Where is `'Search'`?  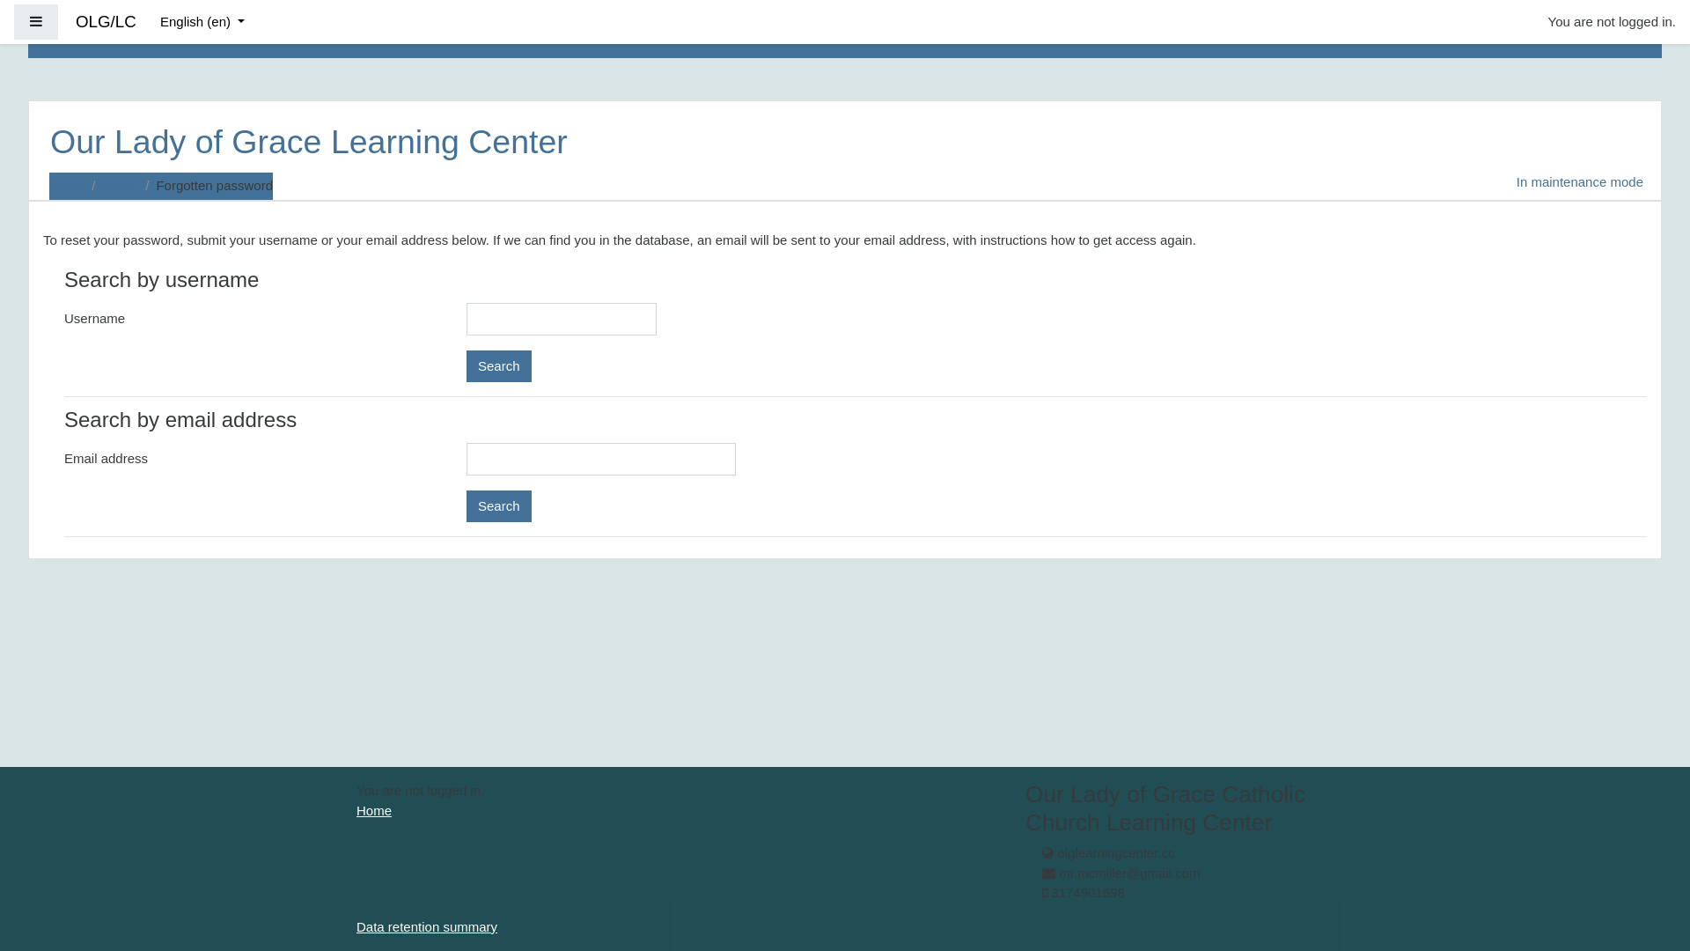 'Search' is located at coordinates (497, 365).